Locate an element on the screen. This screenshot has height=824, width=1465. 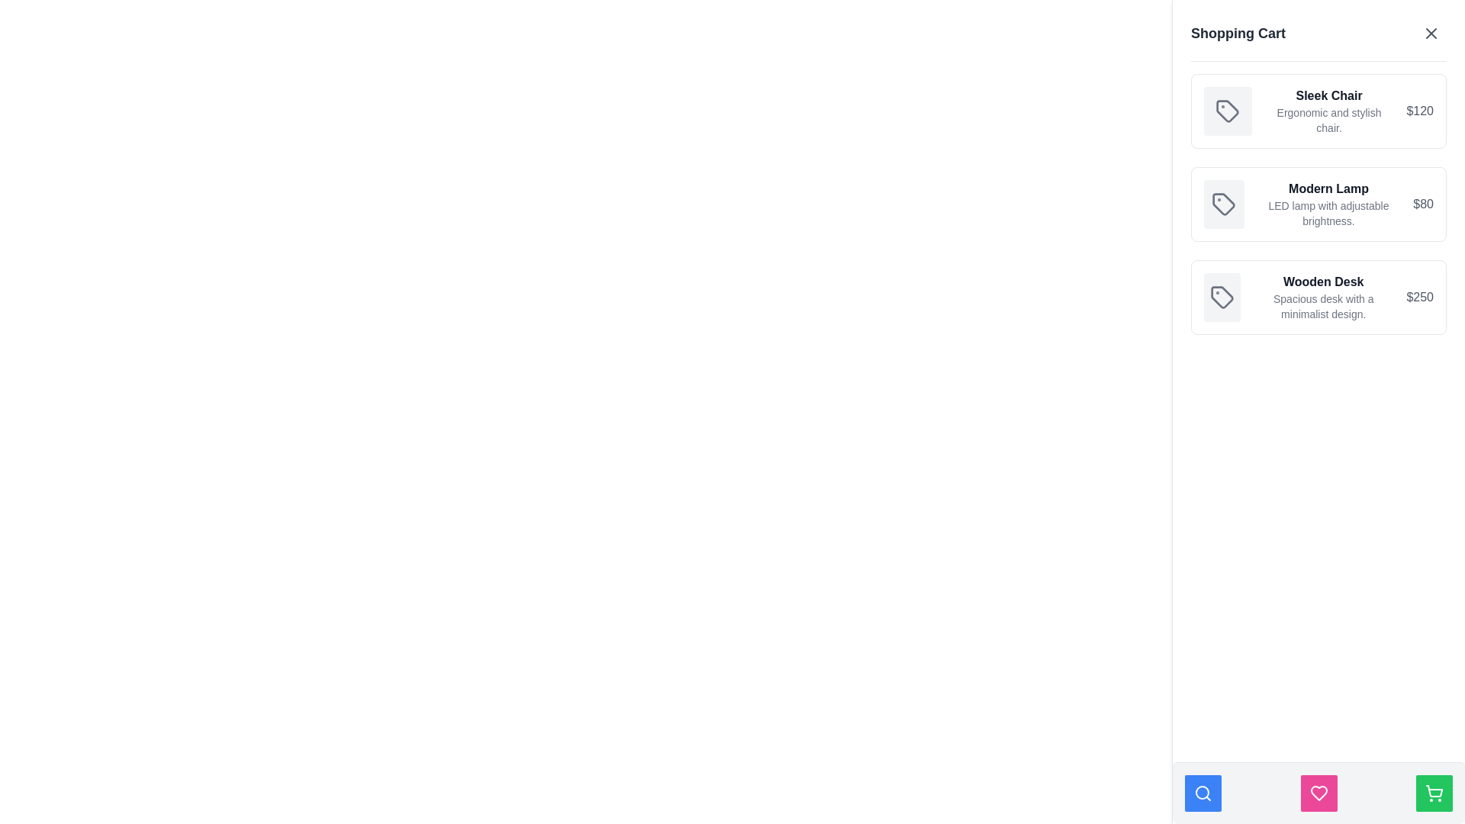
text 'Spacious desk with a minimalist design.' located below the title 'Wooden Desk' in the shopping cart section on the right side of the interface is located at coordinates (1322, 306).